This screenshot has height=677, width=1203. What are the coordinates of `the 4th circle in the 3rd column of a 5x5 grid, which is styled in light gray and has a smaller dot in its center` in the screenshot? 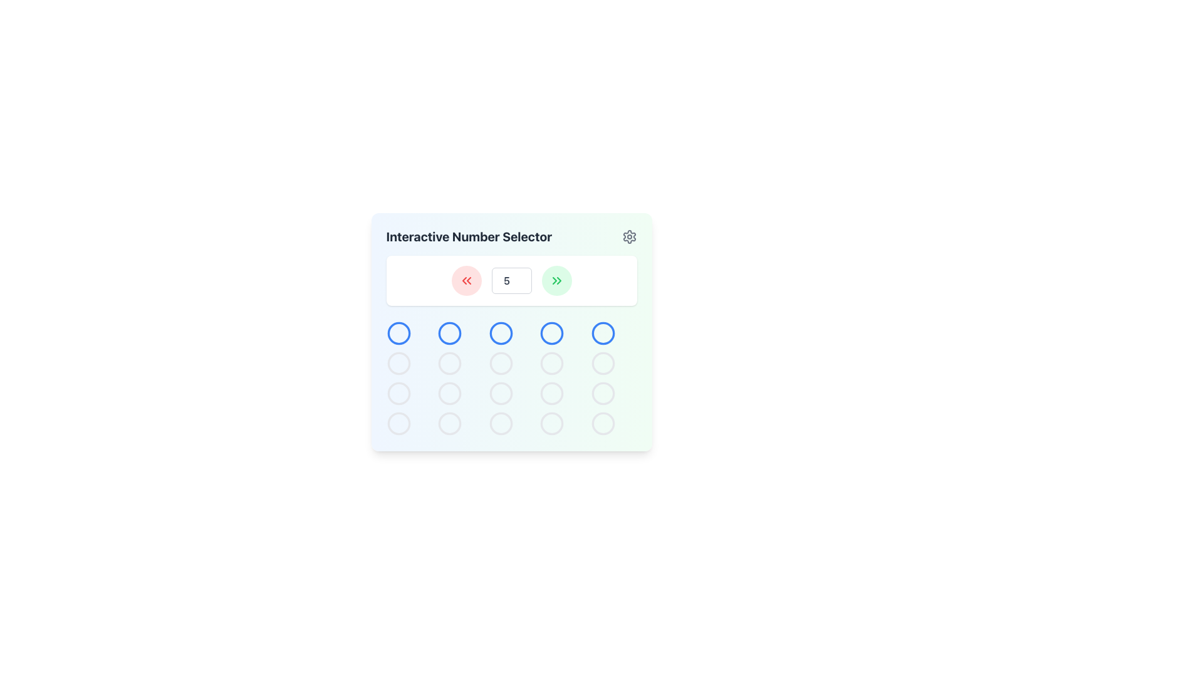 It's located at (551, 393).